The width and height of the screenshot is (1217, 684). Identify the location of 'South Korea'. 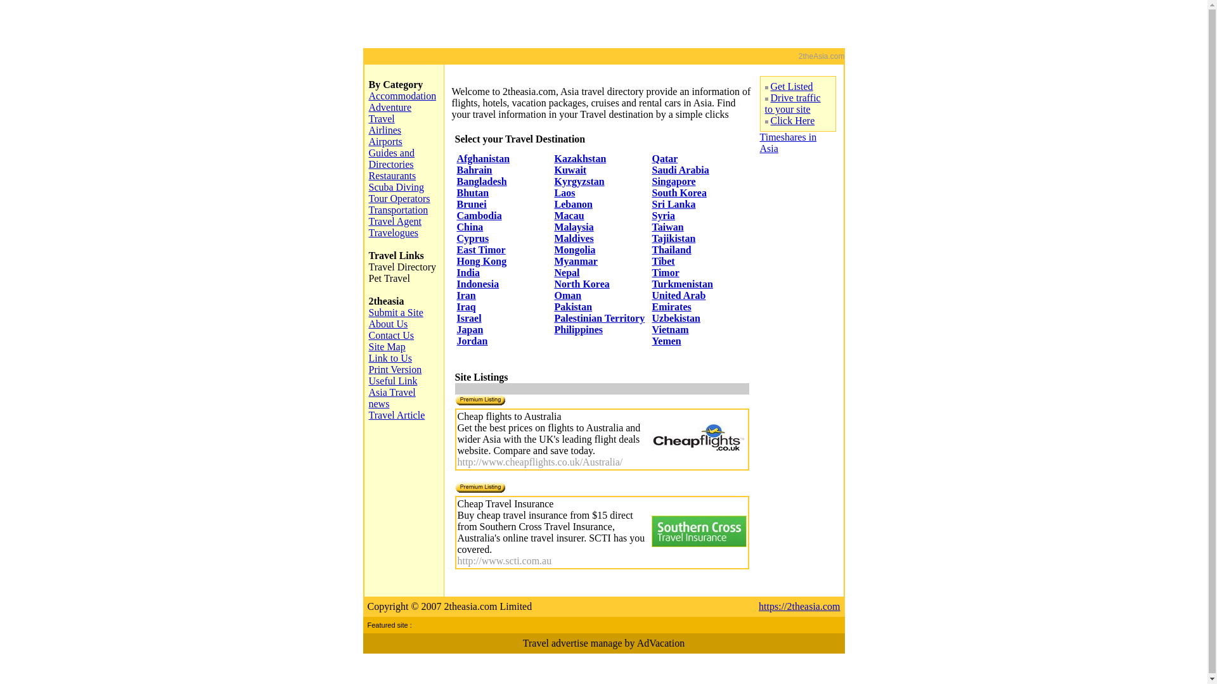
(678, 193).